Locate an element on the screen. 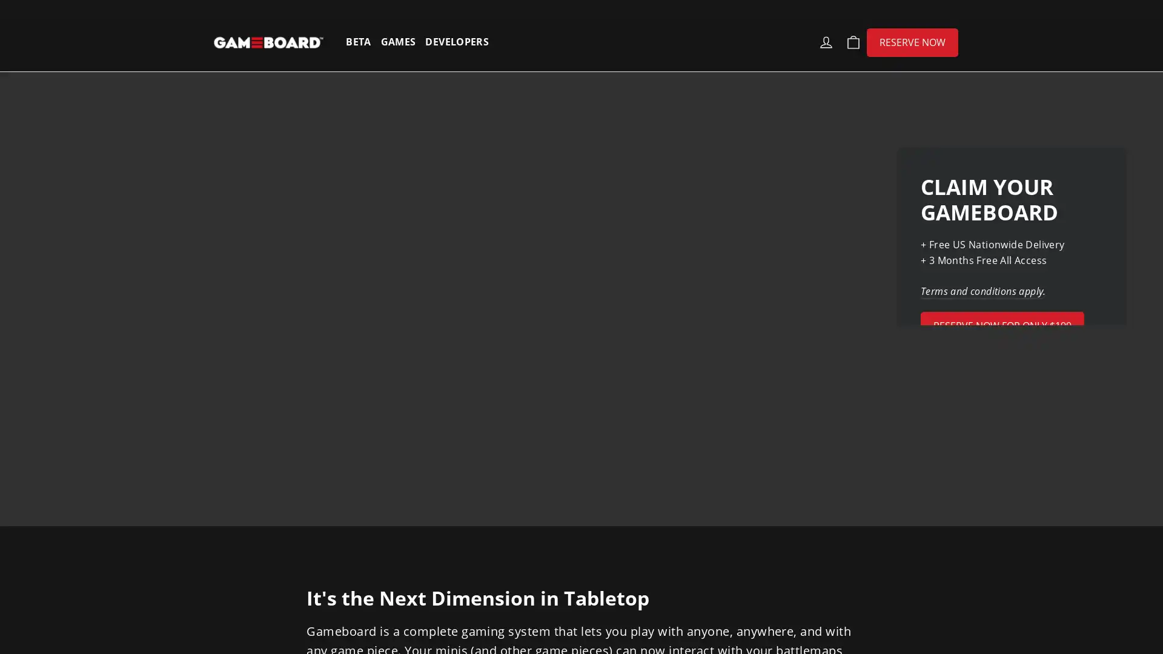 Image resolution: width=1163 pixels, height=654 pixels. Close is located at coordinates (1142, 19).